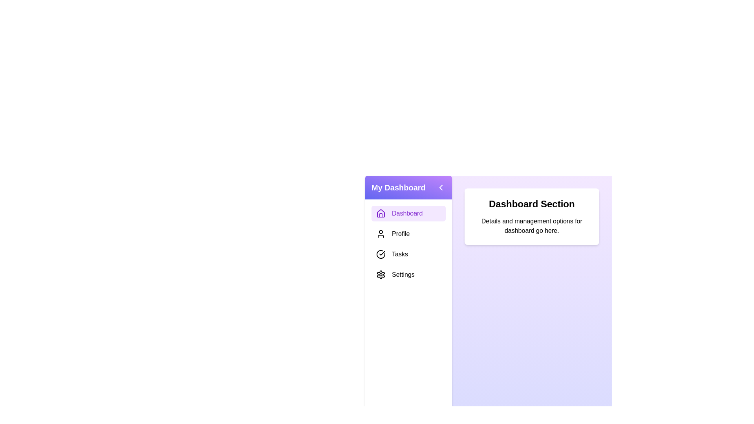  What do you see at coordinates (441, 188) in the screenshot?
I see `the left-pointing arrow icon on the right side of the purple header bar labeled 'My Dashboard'` at bounding box center [441, 188].